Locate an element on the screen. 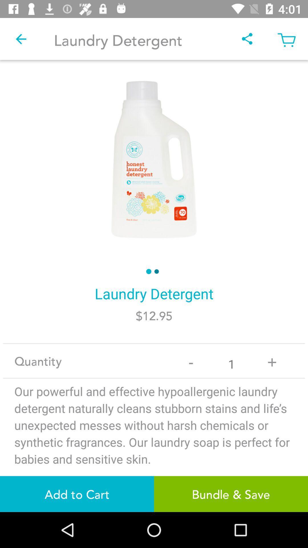 The image size is (308, 548). the item next to bundle & save item is located at coordinates (77, 494).